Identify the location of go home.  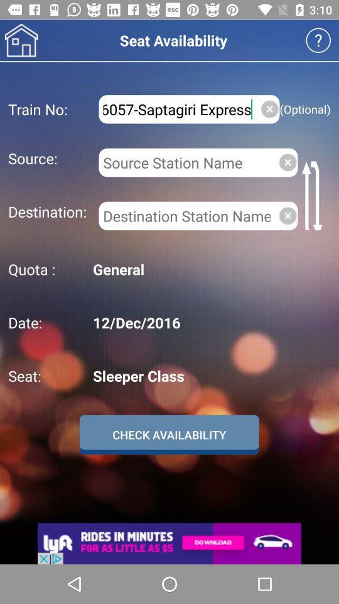
(21, 40).